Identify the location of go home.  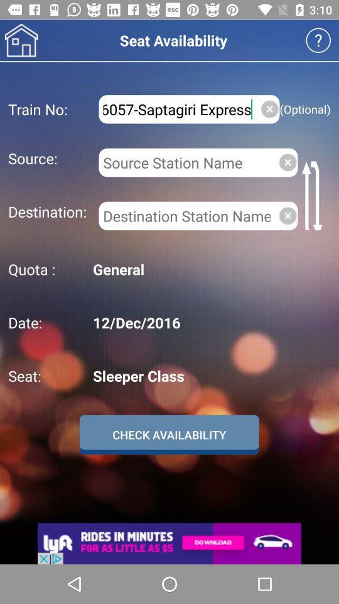
(21, 40).